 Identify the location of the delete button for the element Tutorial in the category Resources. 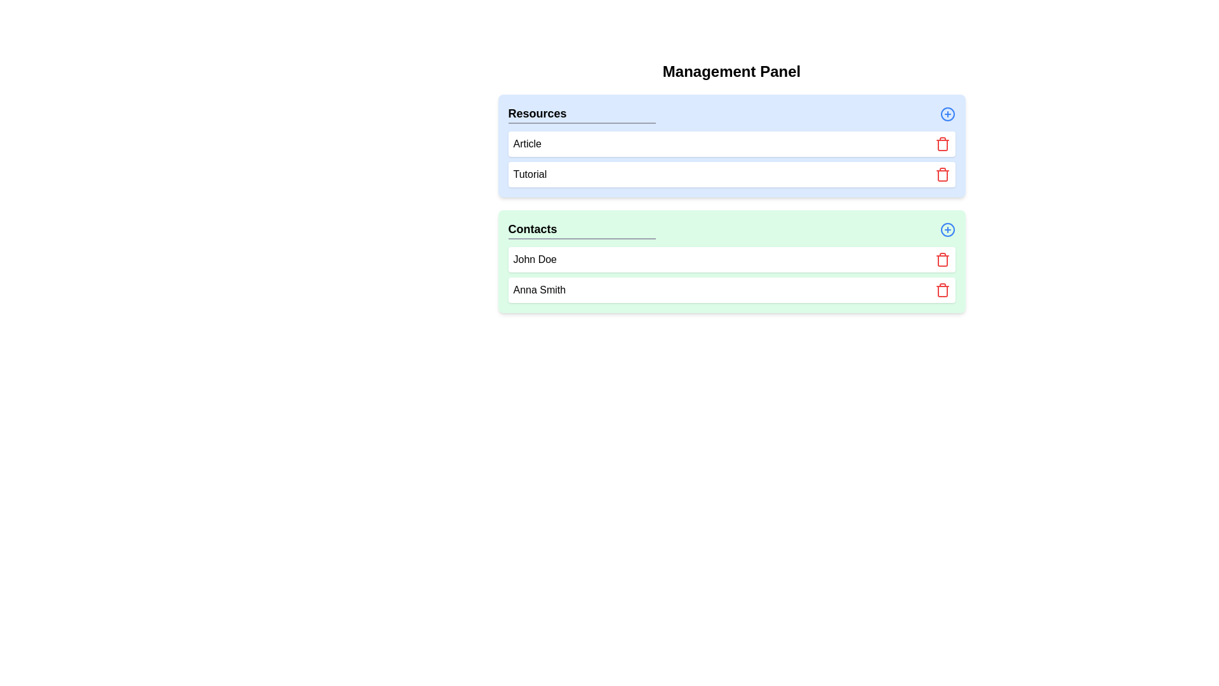
(942, 174).